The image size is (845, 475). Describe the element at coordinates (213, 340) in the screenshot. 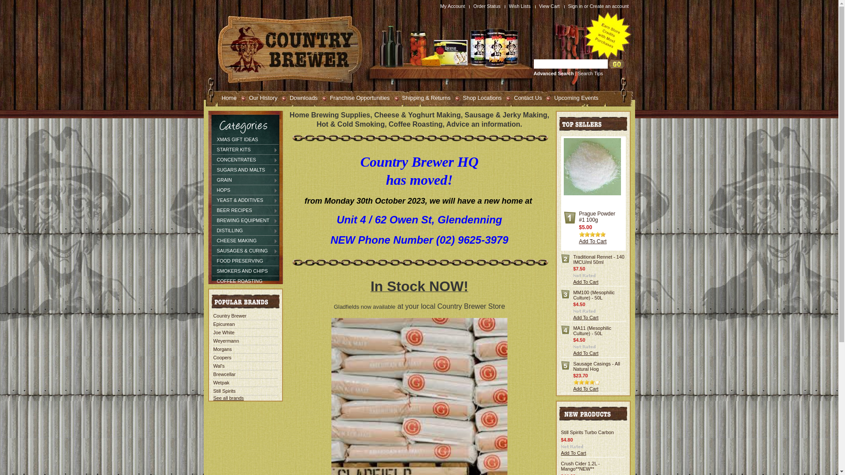

I see `'Weyermann'` at that location.